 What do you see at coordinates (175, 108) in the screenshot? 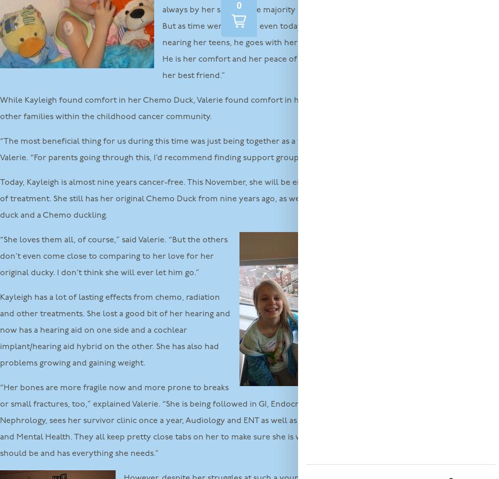
I see `'While Kayleigh found comfort in her Chemo Duck, Valerie found comfort in her family and other families within the childhood cancer community.'` at bounding box center [175, 108].